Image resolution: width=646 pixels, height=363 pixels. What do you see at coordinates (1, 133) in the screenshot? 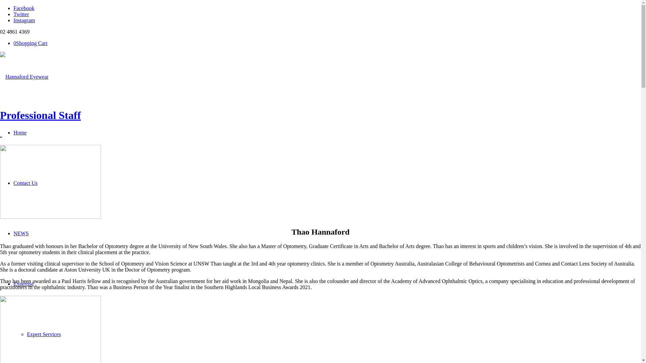
I see `' '` at bounding box center [1, 133].